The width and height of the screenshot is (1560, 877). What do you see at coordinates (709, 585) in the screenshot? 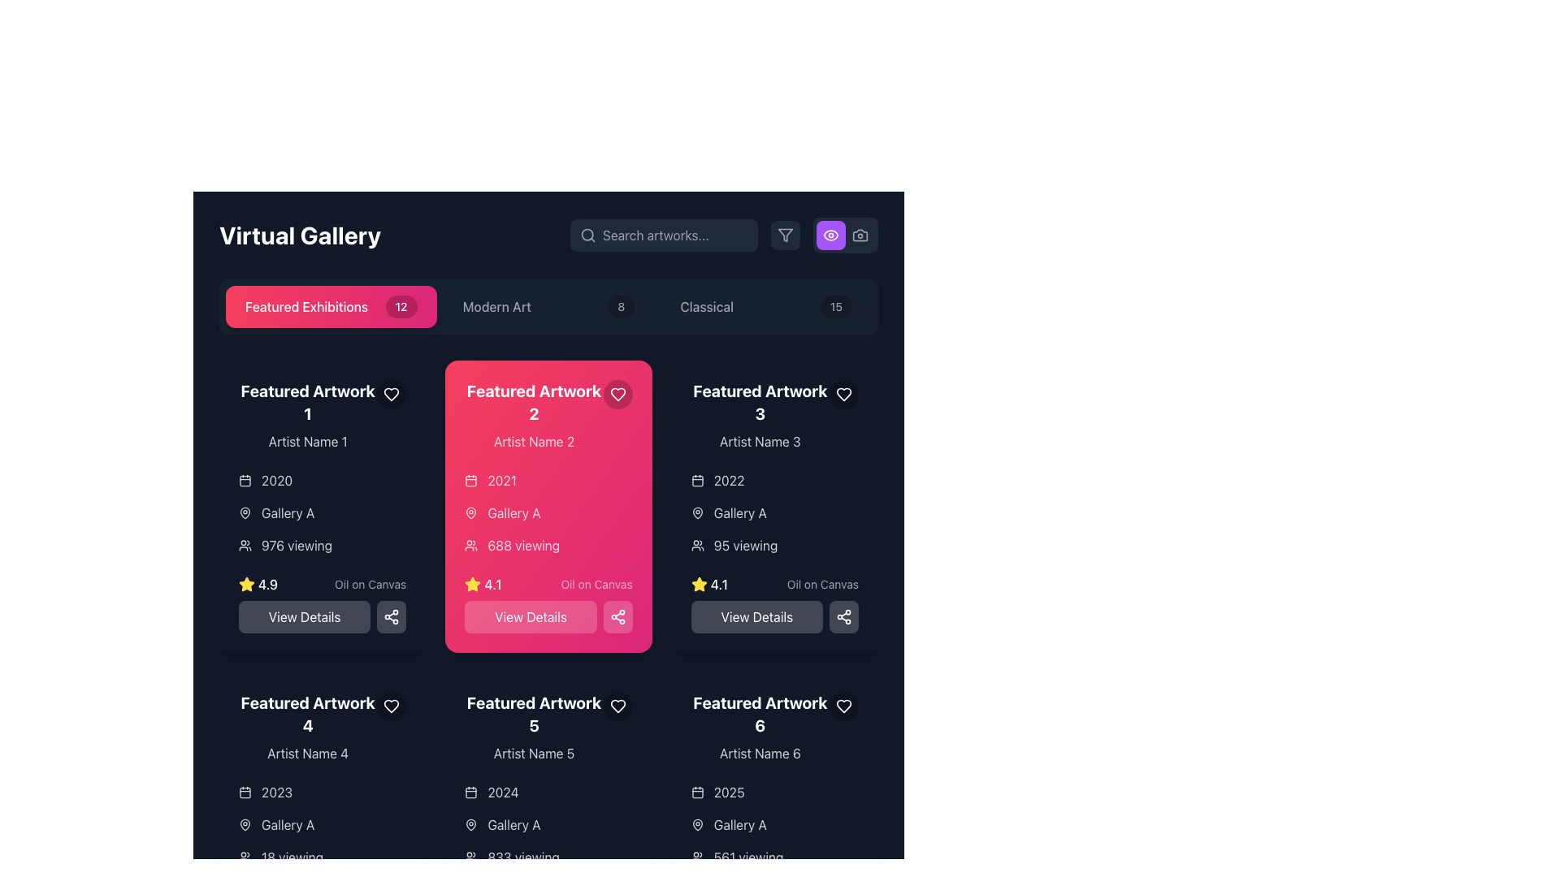
I see `the Rating indicator displaying a score of '4.1' within the 'Featured Artwork 3' card, located below the '95 viewing' text and above the 'View Details' button` at bounding box center [709, 585].